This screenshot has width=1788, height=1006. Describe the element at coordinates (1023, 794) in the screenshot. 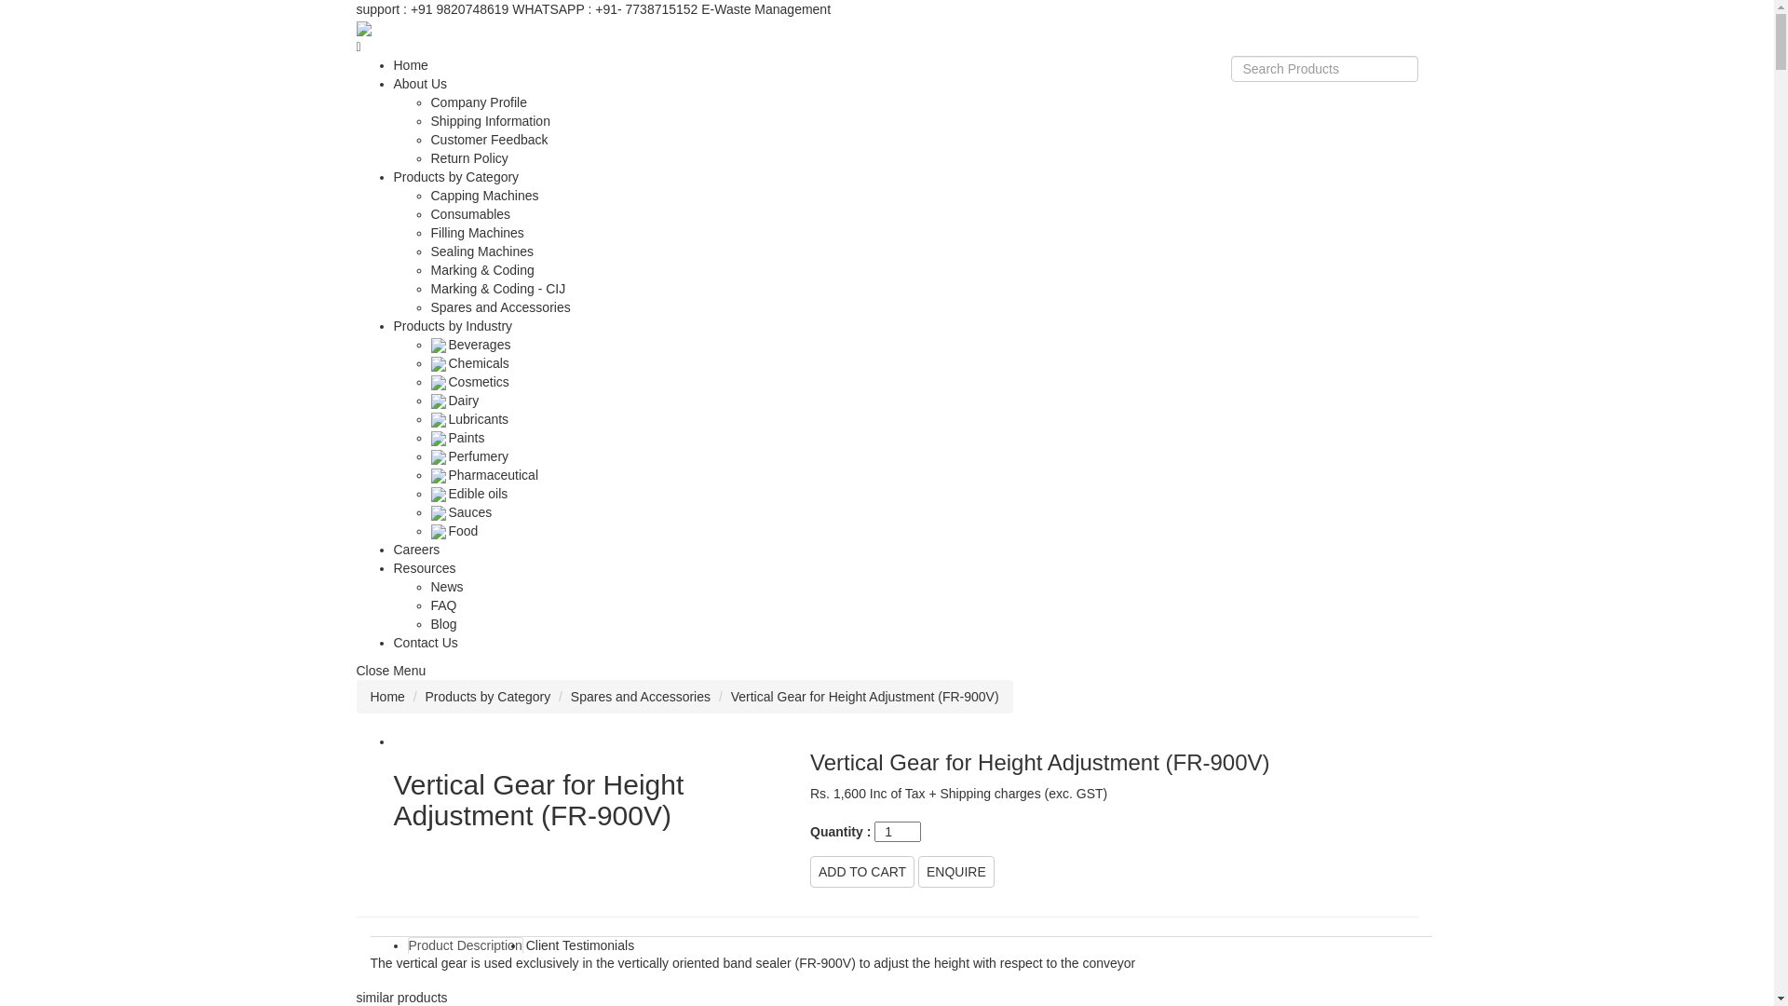

I see `'Shipping charges (exc. GST)'` at that location.